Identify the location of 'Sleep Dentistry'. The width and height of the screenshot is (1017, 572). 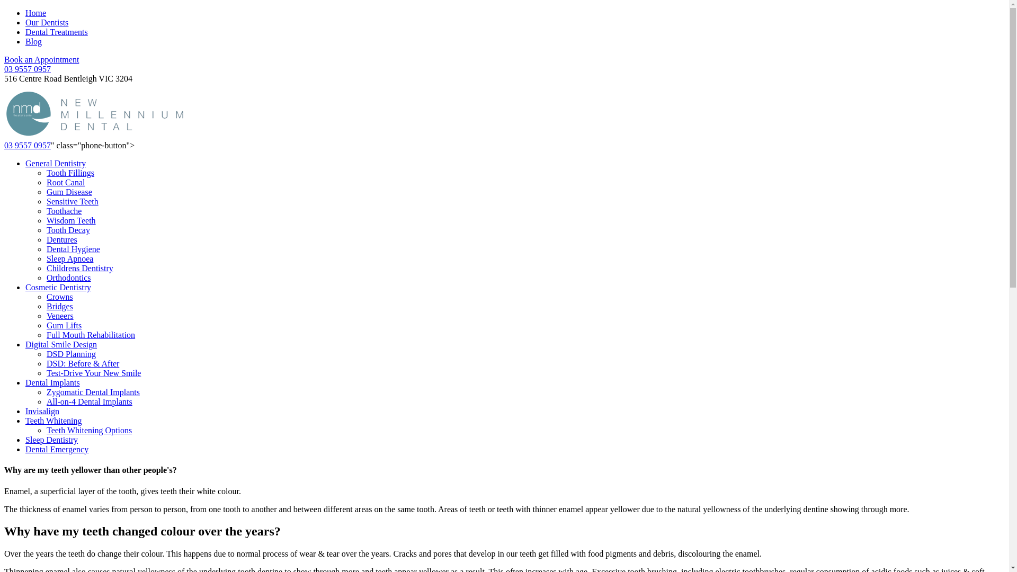
(51, 440).